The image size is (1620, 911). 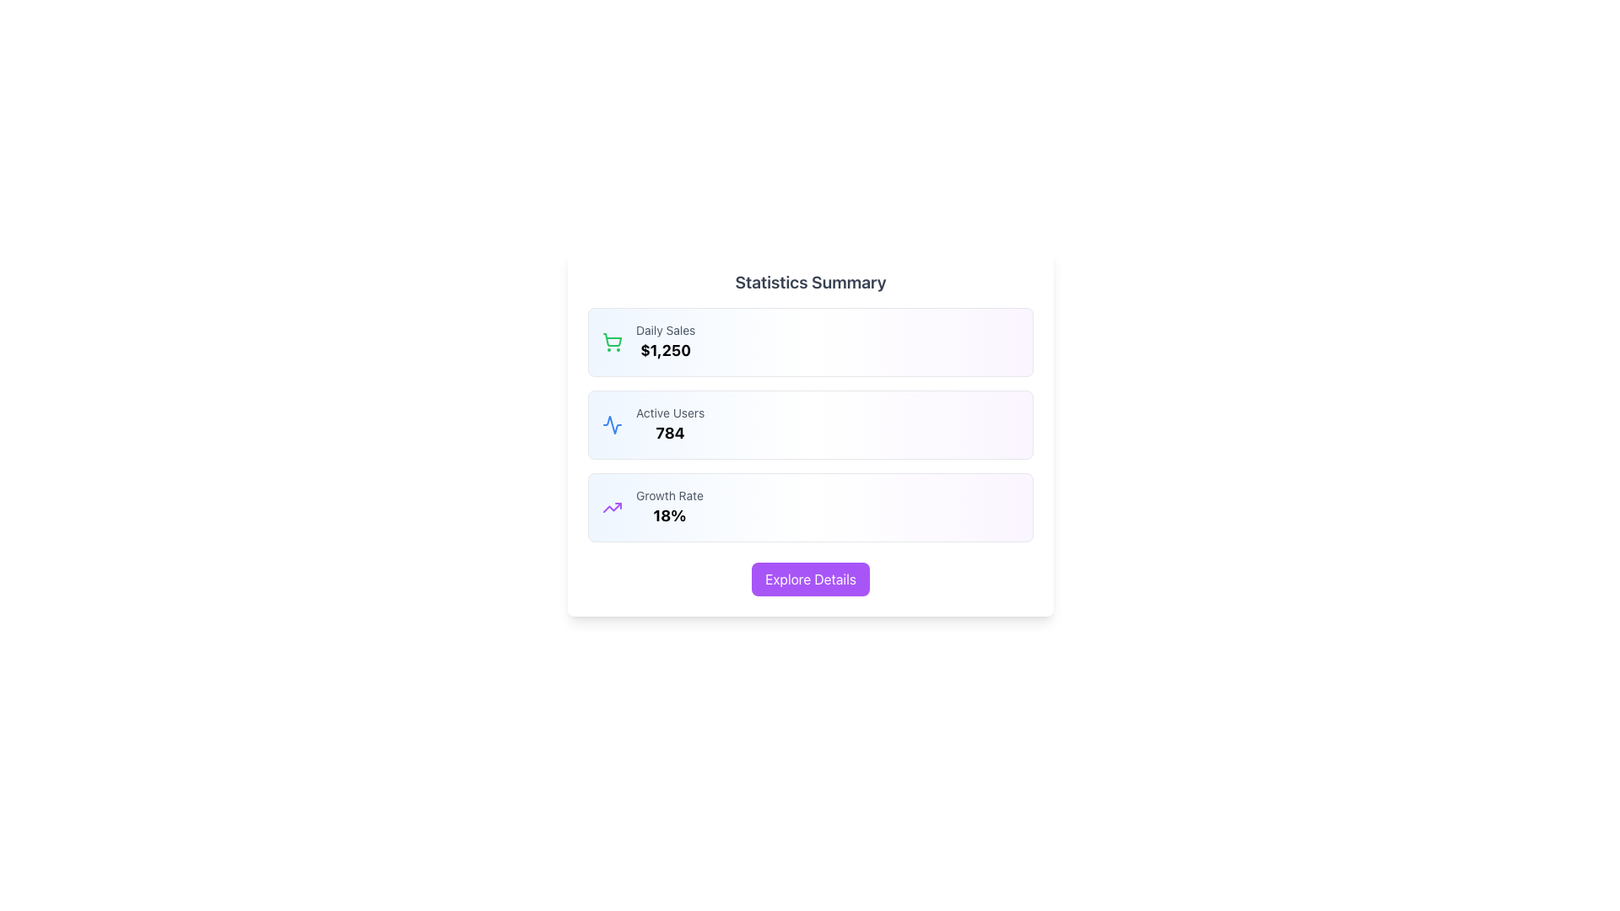 What do you see at coordinates (665, 350) in the screenshot?
I see `the text label displaying '$1,250', which is bold and located in the 'Daily Sales' section under 'Statistics Summary'` at bounding box center [665, 350].